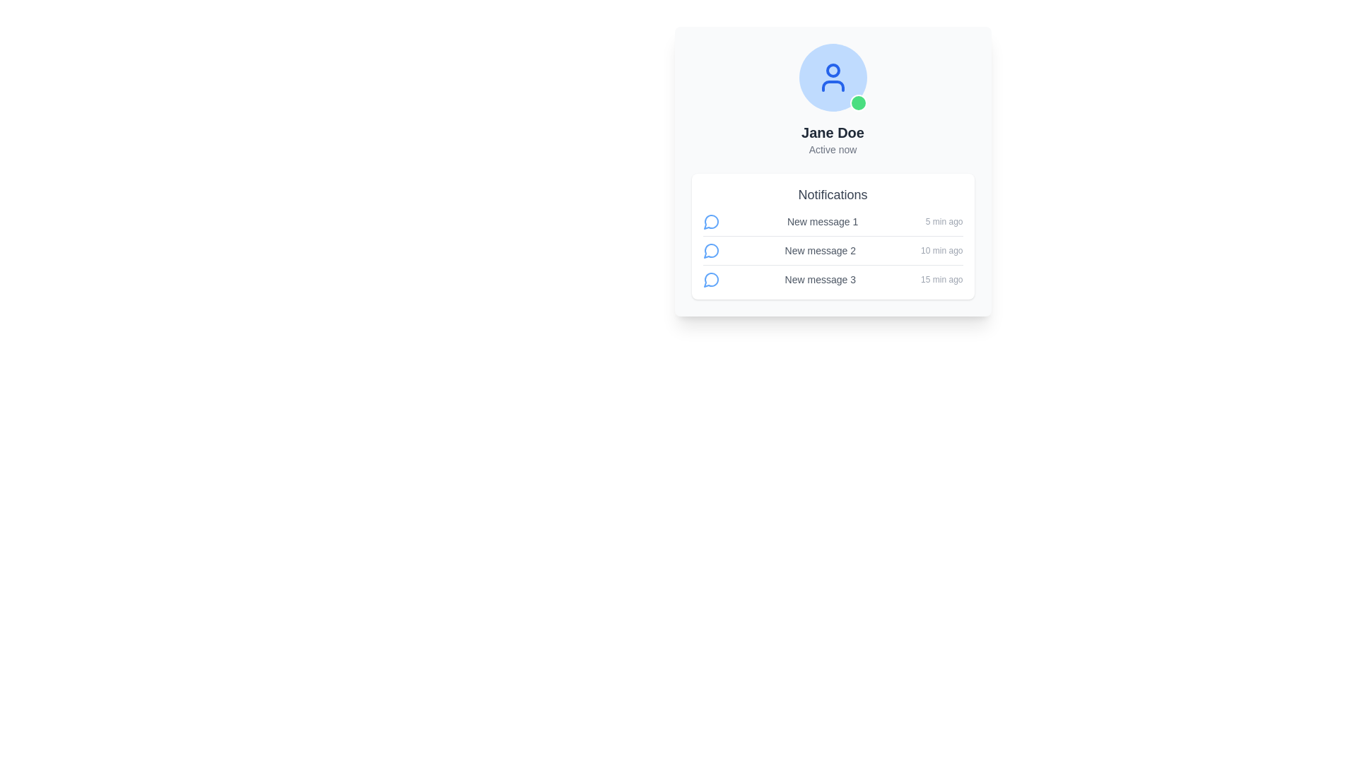 The image size is (1357, 763). I want to click on the blue circle icon that contains a speech bubble, located in the leftmost position of the 'New message 3' row, so click(711, 280).